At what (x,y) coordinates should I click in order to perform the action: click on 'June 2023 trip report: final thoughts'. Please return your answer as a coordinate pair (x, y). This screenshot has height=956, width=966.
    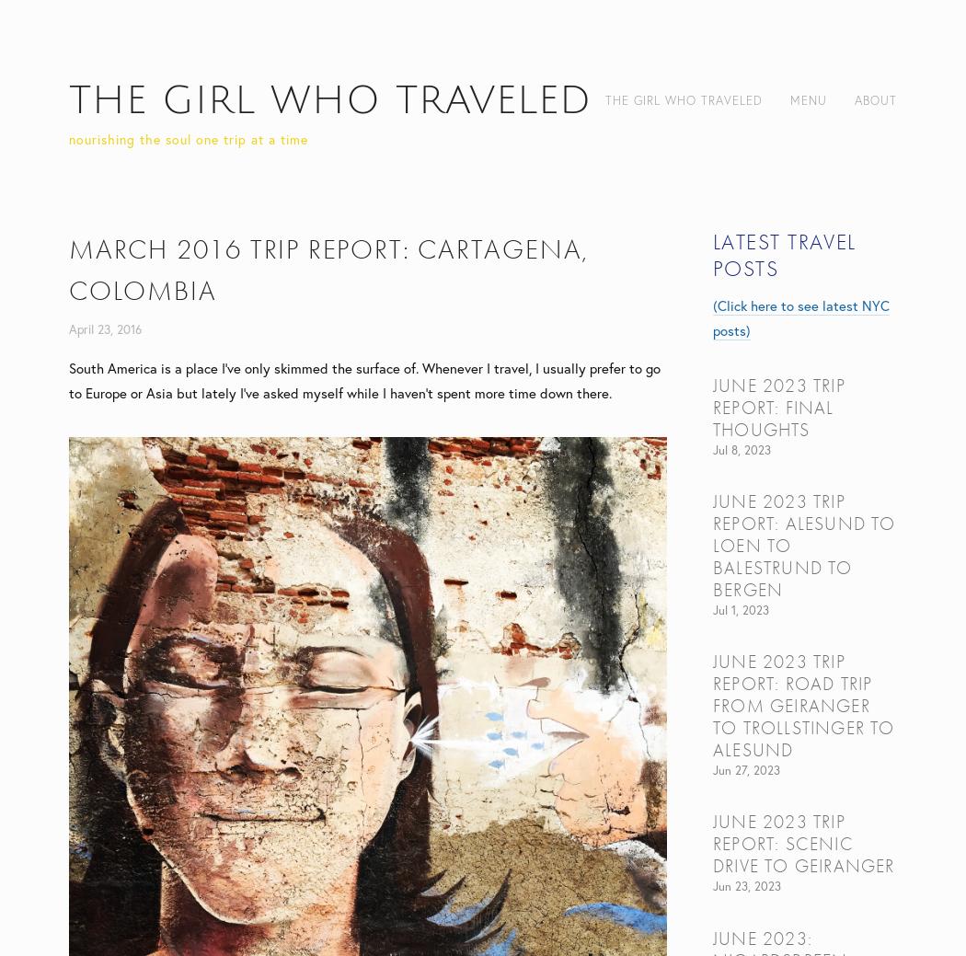
    Looking at the image, I should click on (778, 405).